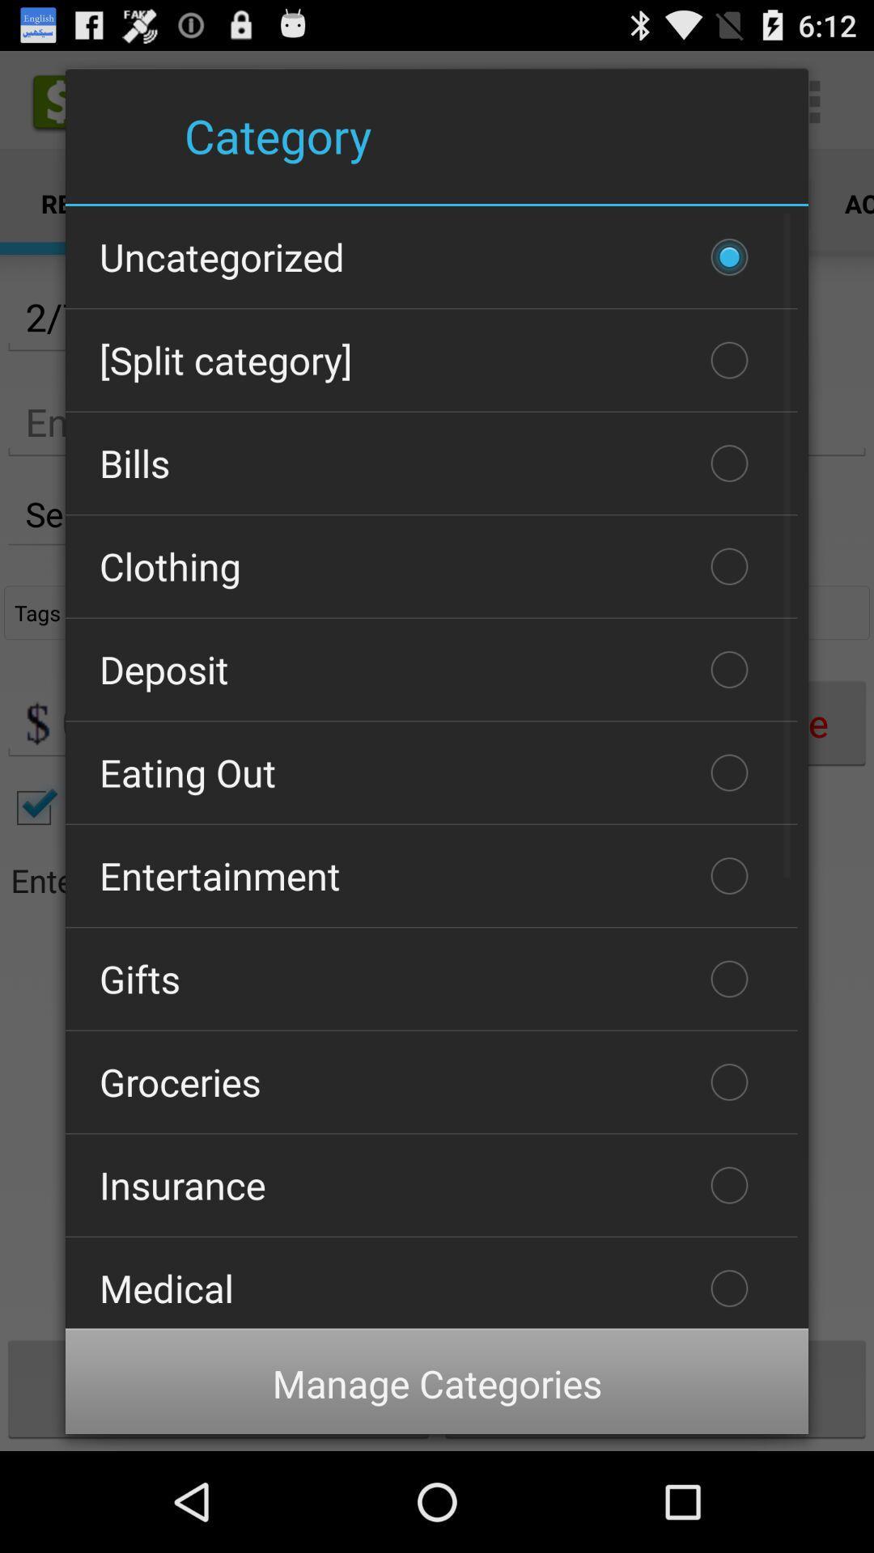  Describe the element at coordinates (431, 978) in the screenshot. I see `the icon above the groceries checkbox` at that location.